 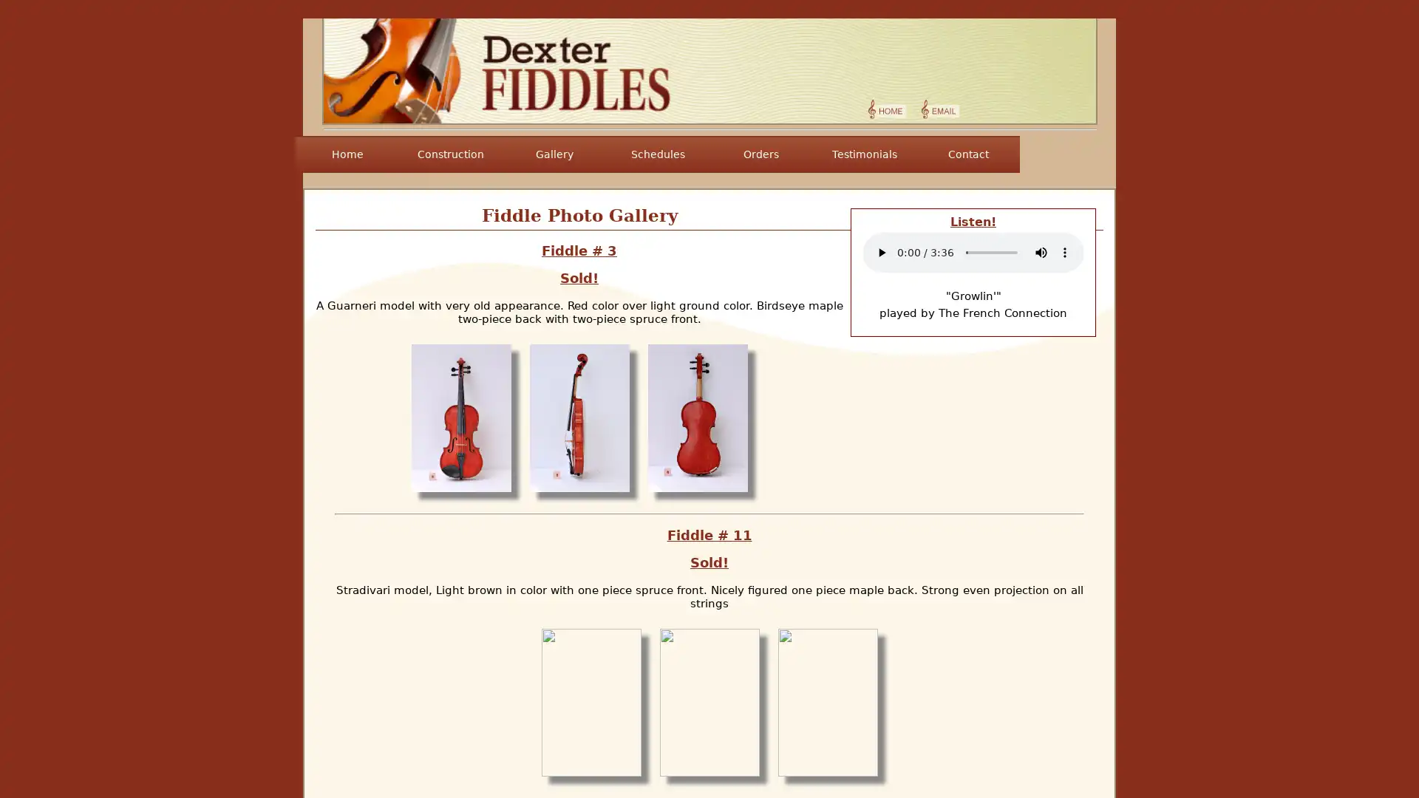 I want to click on show more media controls, so click(x=1064, y=250).